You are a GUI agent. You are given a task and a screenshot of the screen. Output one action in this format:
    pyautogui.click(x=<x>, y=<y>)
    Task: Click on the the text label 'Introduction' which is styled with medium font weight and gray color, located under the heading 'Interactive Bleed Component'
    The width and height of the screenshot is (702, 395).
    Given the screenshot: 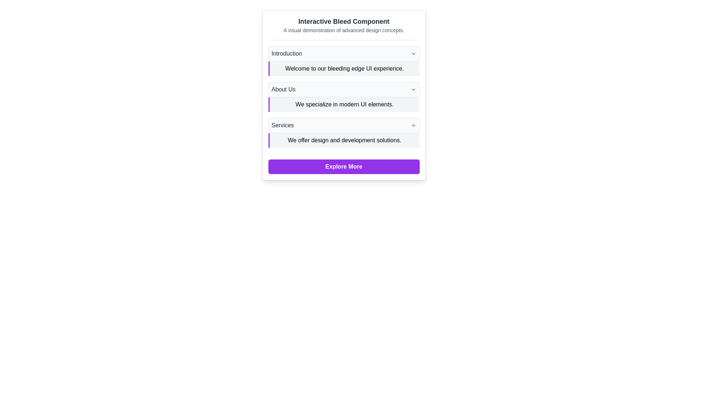 What is the action you would take?
    pyautogui.click(x=286, y=53)
    